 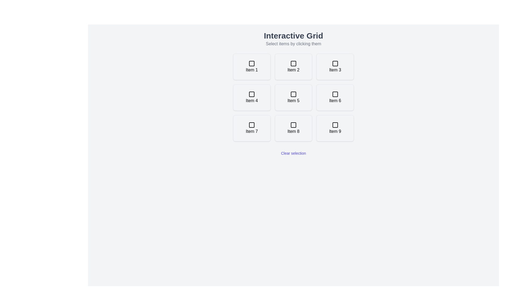 What do you see at coordinates (251, 98) in the screenshot?
I see `the button labeled 'Item 4' which is a rectangular button with a centered square icon above its text, located in the second row and first column of a 3x3 grid layout` at bounding box center [251, 98].